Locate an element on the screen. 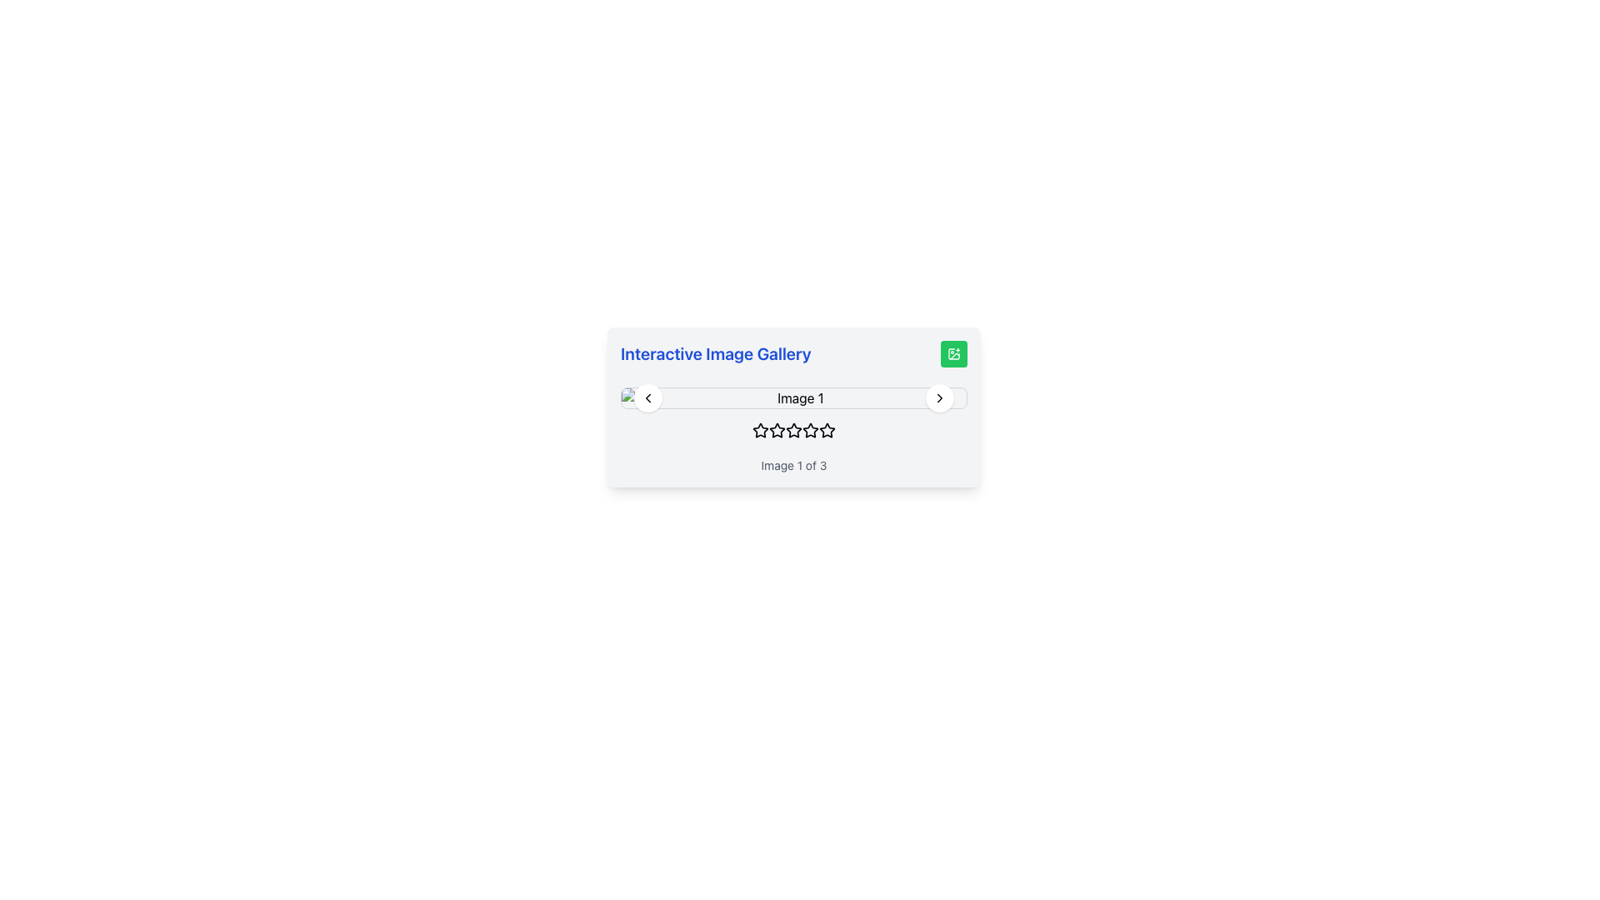  the third star-shaped rating icon, which is styled in yellow or gray, located below the title 'Interactive Image Gallery' to set a rating is located at coordinates (776, 429).